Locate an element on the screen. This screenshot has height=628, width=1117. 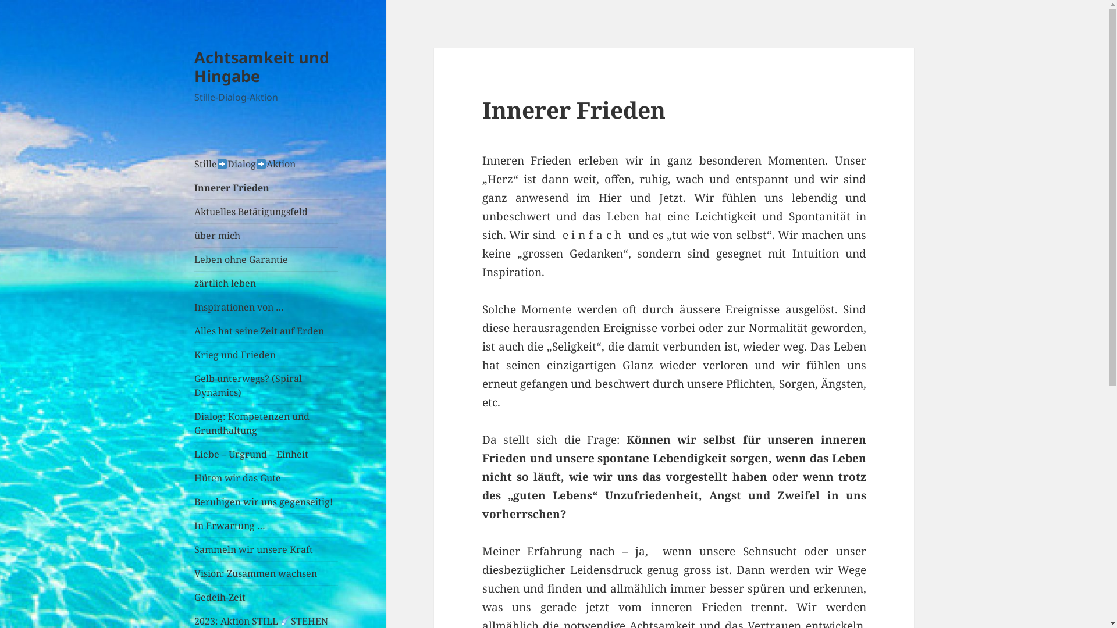
'Dialog: Kompetenzen und Grundhaltung' is located at coordinates (265, 423).